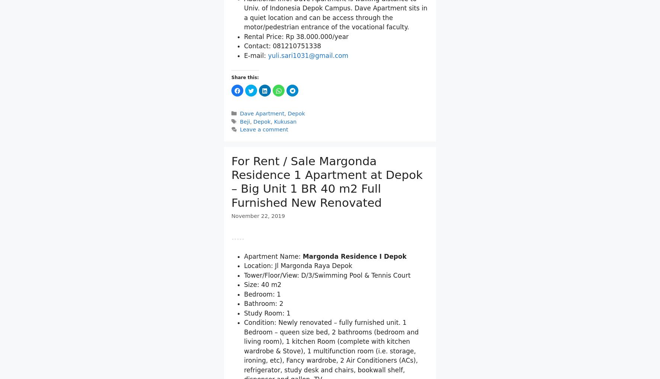 The image size is (660, 379). Describe the element at coordinates (274, 19) in the screenshot. I see `'ATM Center'` at that location.